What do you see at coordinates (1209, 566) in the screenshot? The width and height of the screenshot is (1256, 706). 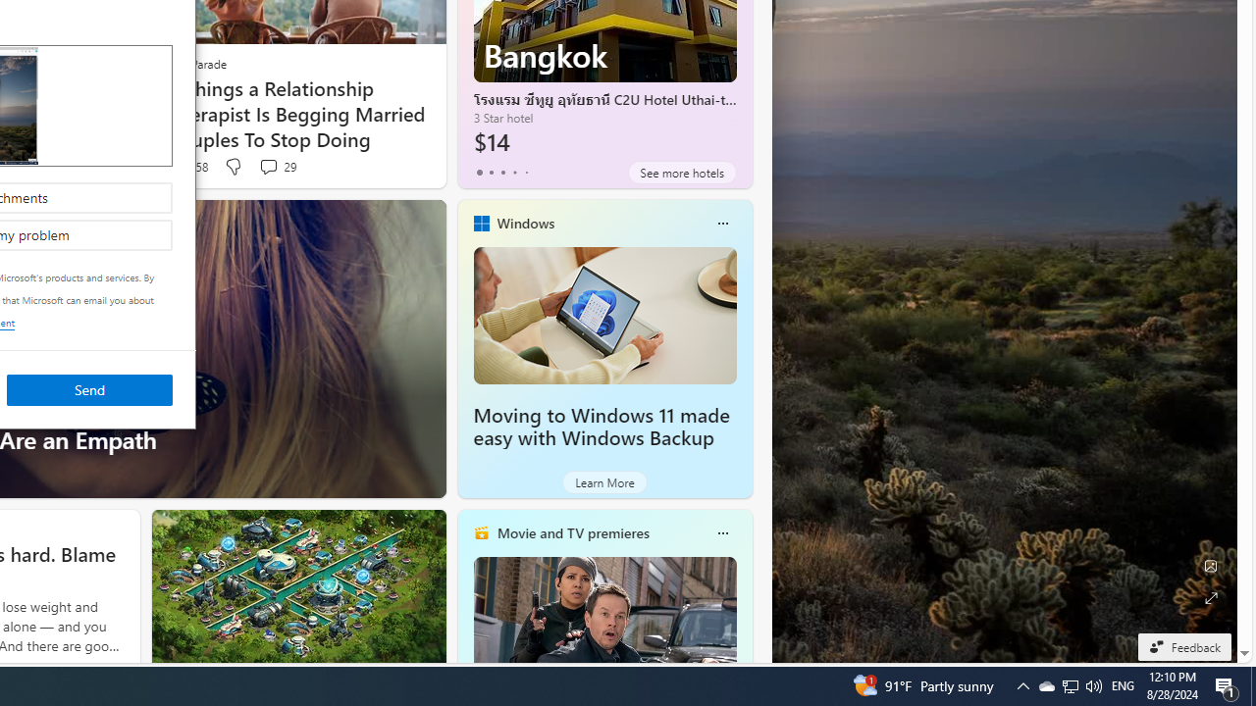 I see `'Edit Background'` at bounding box center [1209, 566].